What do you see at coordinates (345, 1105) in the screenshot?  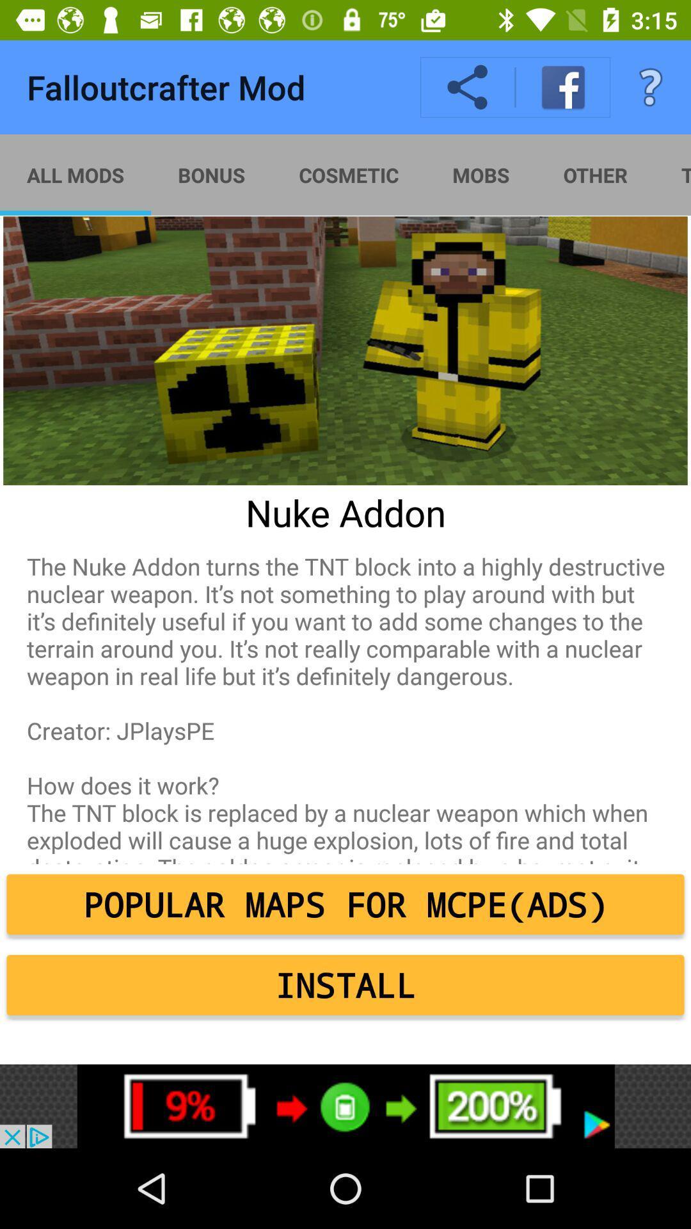 I see `advertisement banner` at bounding box center [345, 1105].